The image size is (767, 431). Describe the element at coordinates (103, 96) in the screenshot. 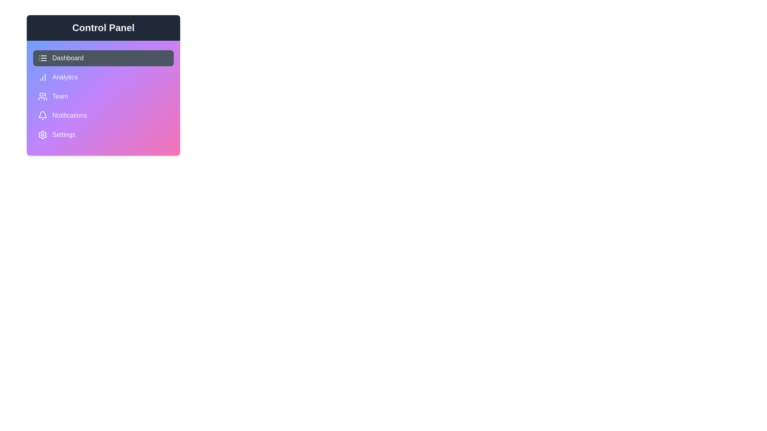

I see `the 'Team' button in the sidebar of the control panel` at that location.